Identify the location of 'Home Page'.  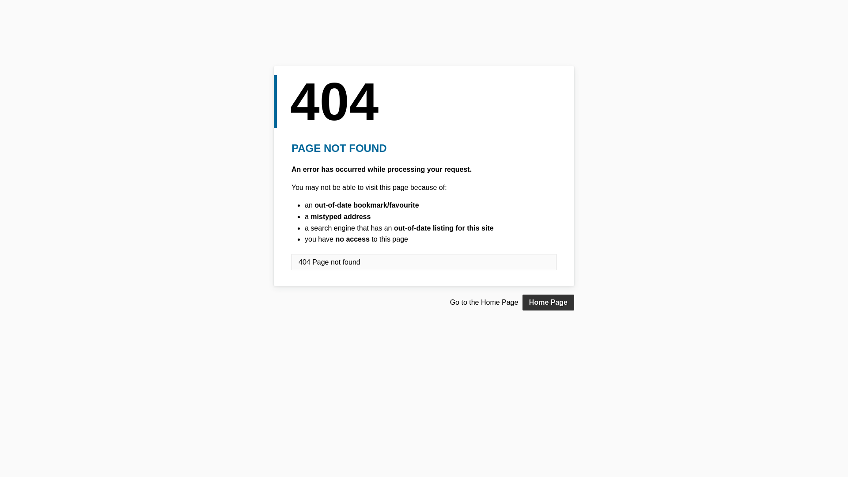
(548, 302).